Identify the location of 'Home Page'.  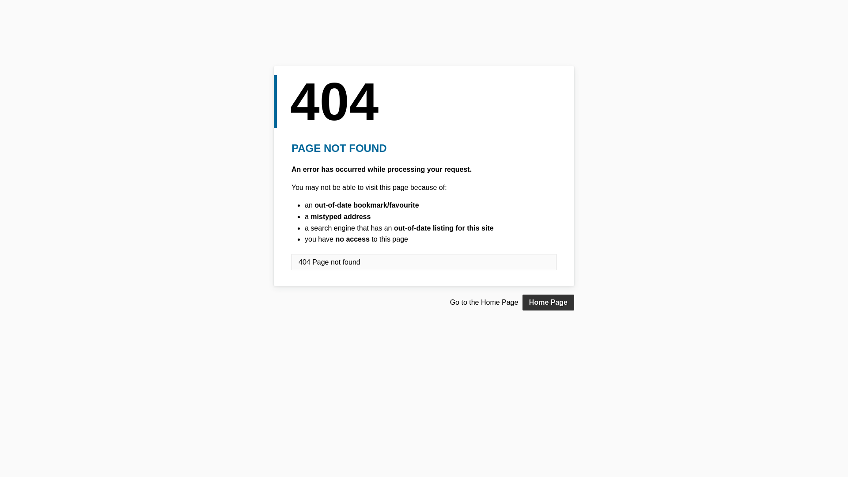
(548, 302).